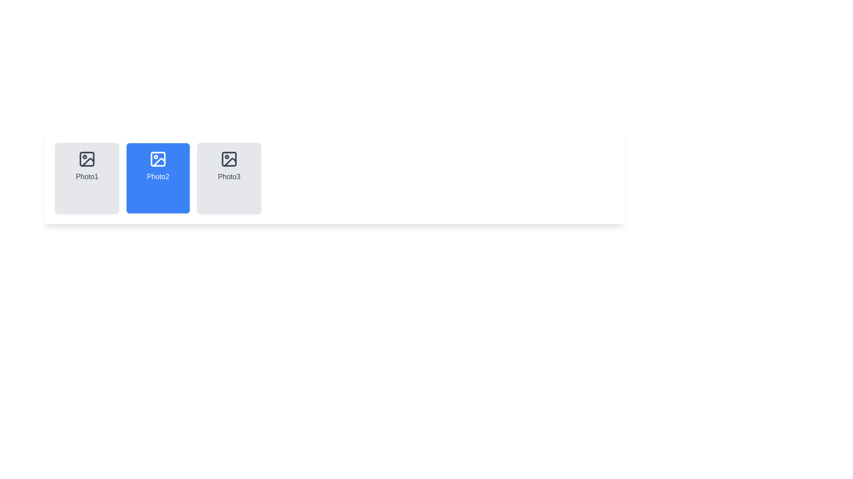  Describe the element at coordinates (158, 178) in the screenshot. I see `the gallery chip labeled 'Photo2' to toggle its selection state` at that location.